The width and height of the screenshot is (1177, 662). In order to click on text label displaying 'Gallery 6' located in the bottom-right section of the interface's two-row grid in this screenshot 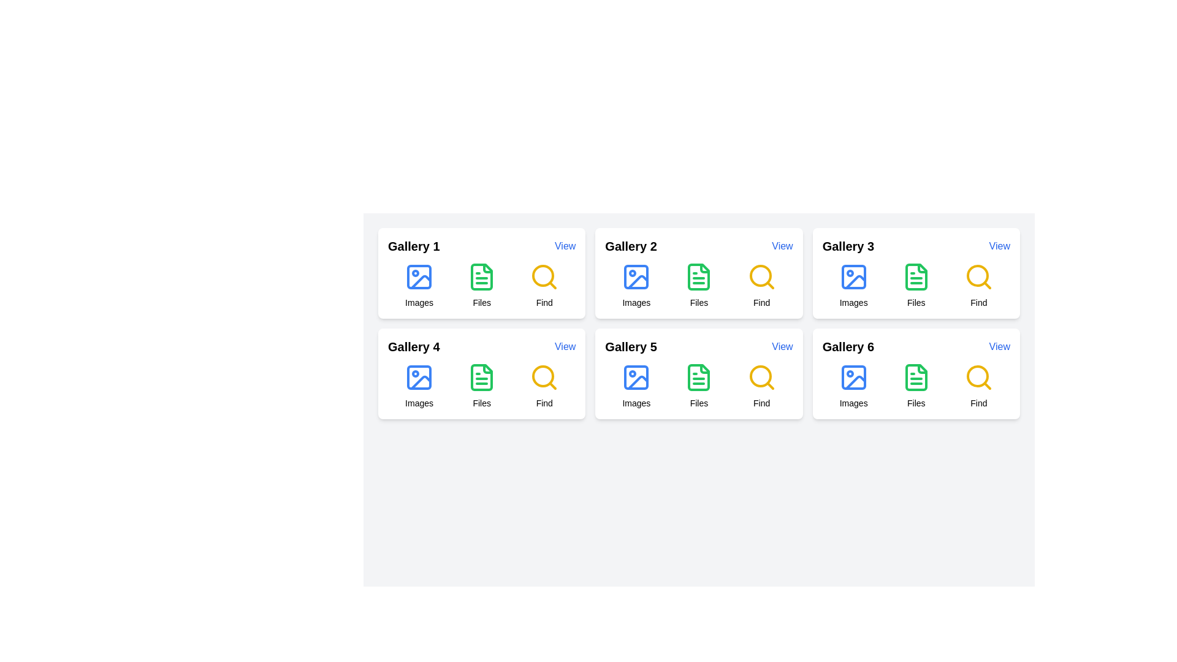, I will do `click(847, 347)`.